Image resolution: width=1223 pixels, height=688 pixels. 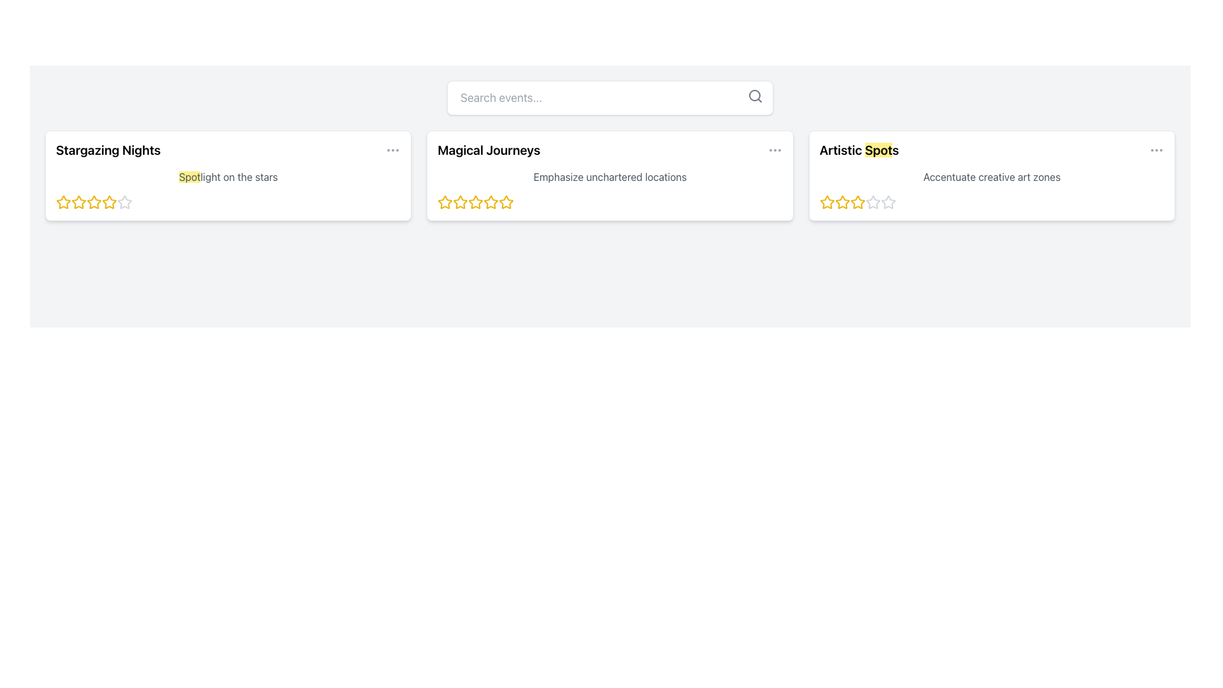 What do you see at coordinates (110, 201) in the screenshot?
I see `the fifth star icon in the 'Stargazing Nights' section` at bounding box center [110, 201].